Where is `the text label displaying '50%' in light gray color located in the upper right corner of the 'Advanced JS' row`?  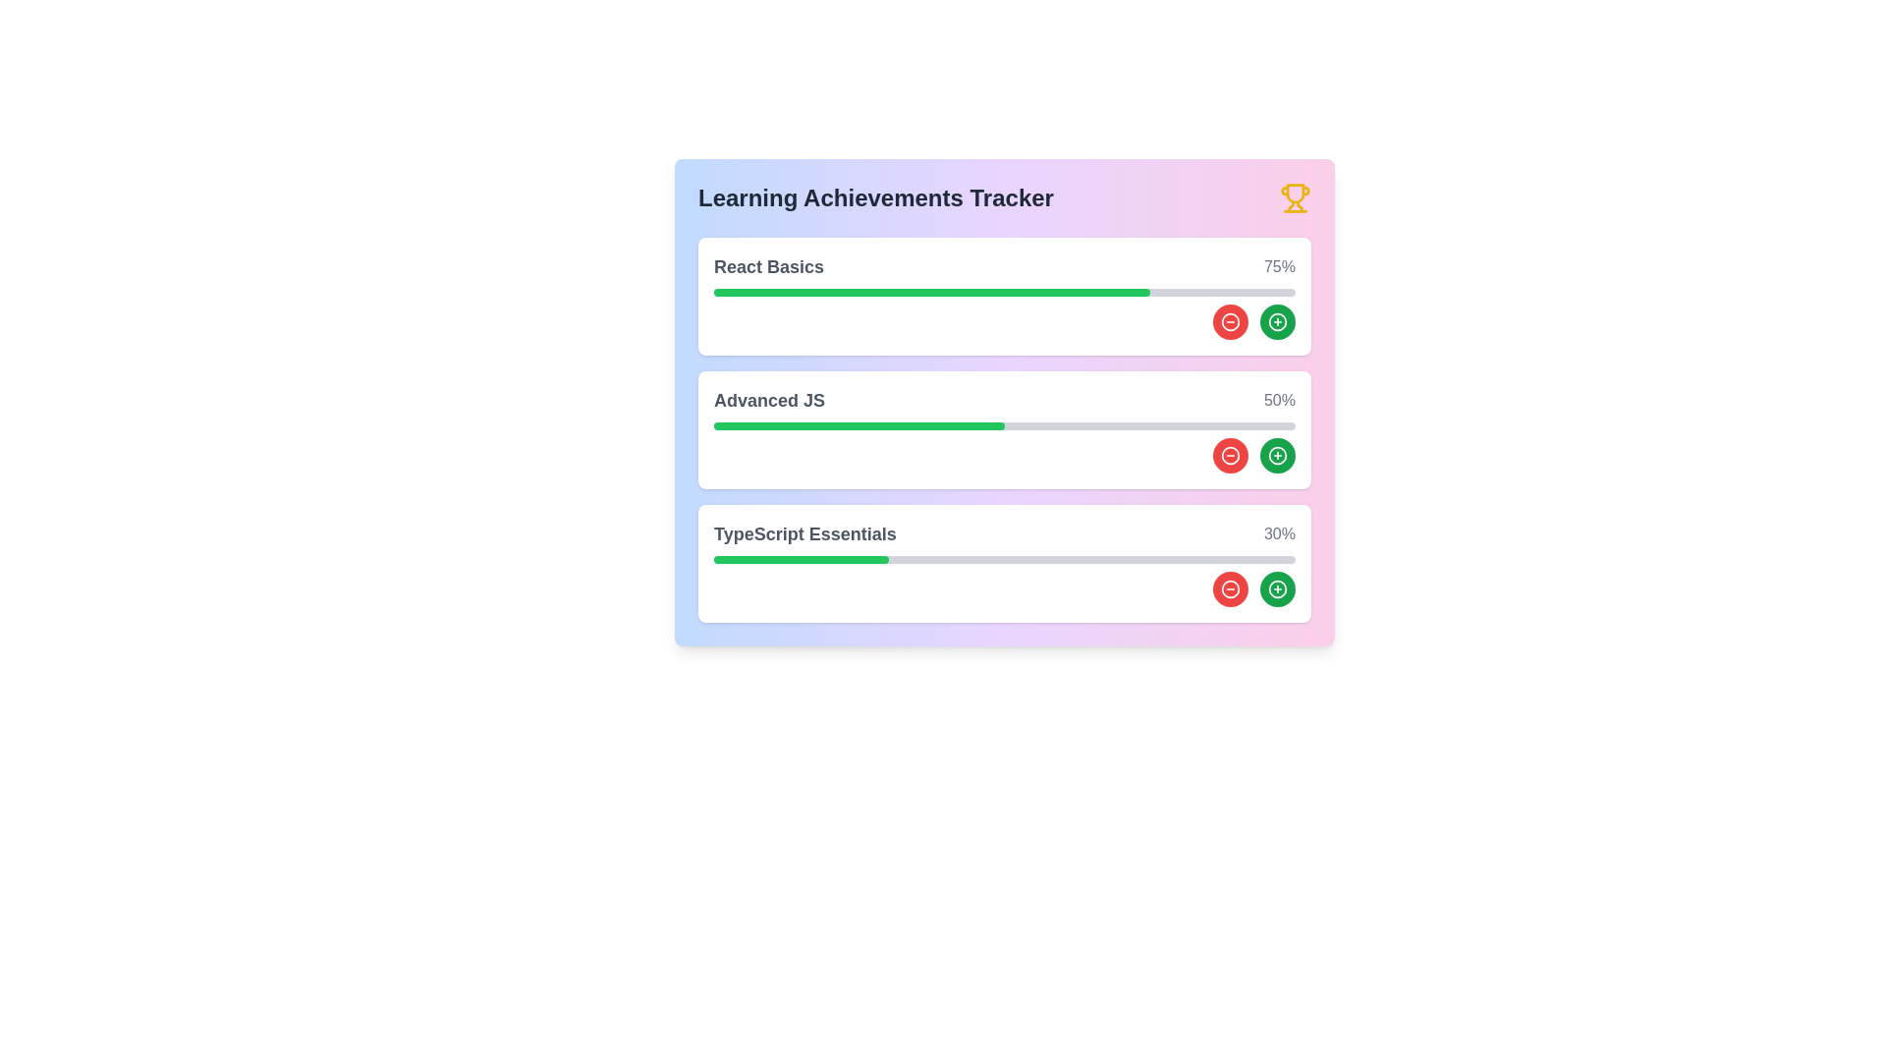 the text label displaying '50%' in light gray color located in the upper right corner of the 'Advanced JS' row is located at coordinates (1279, 400).